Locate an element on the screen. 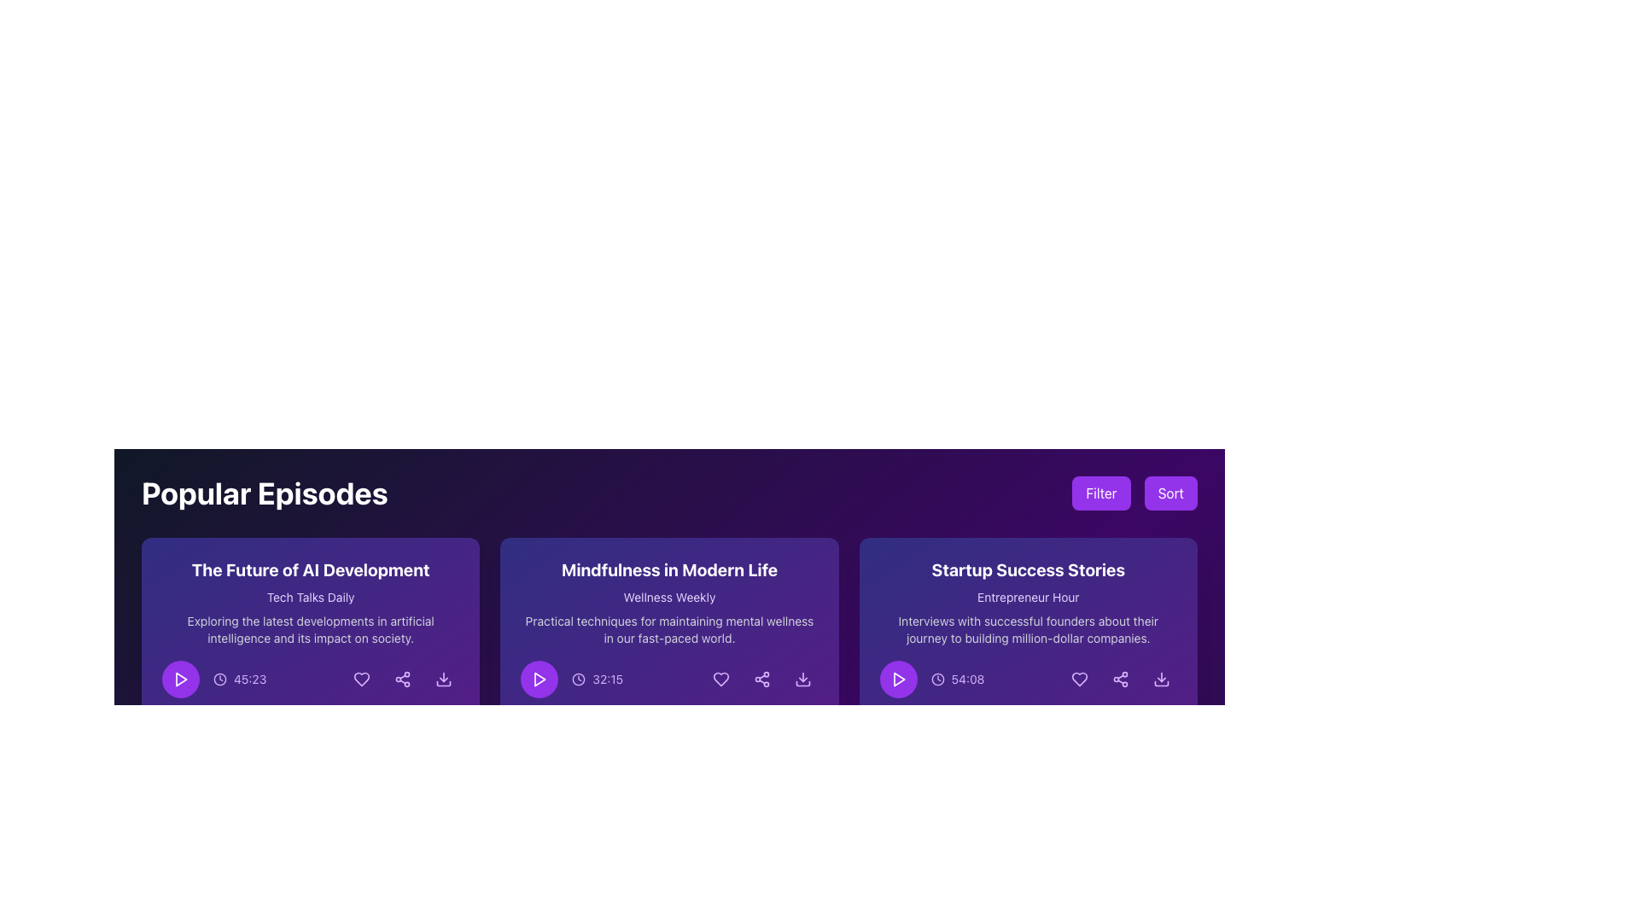 The height and width of the screenshot is (922, 1639). changes in the progress bar located at the bottom of the 'Startup Success Stories' card, above the timeline icon and progress time text, as the media progresses is located at coordinates (945, 715).